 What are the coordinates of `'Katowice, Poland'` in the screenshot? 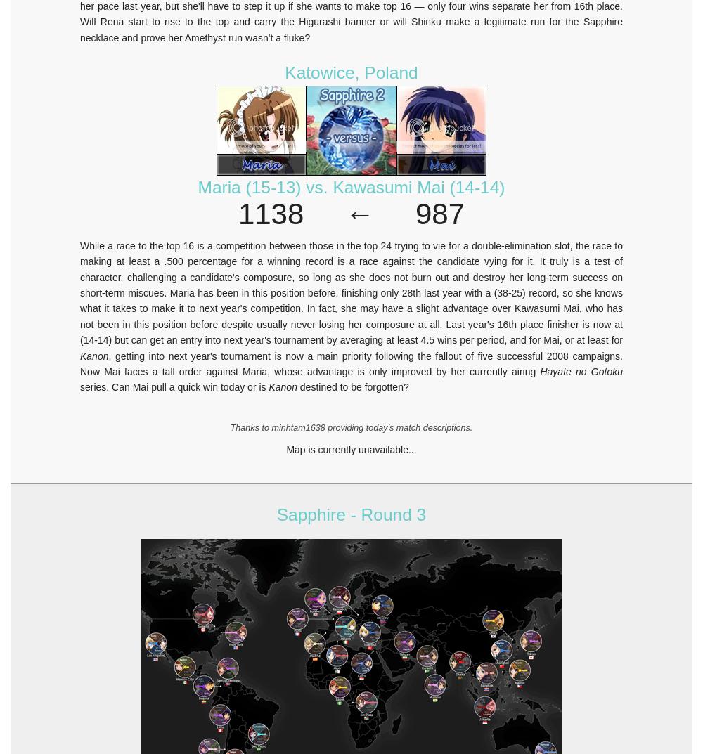 It's located at (285, 72).